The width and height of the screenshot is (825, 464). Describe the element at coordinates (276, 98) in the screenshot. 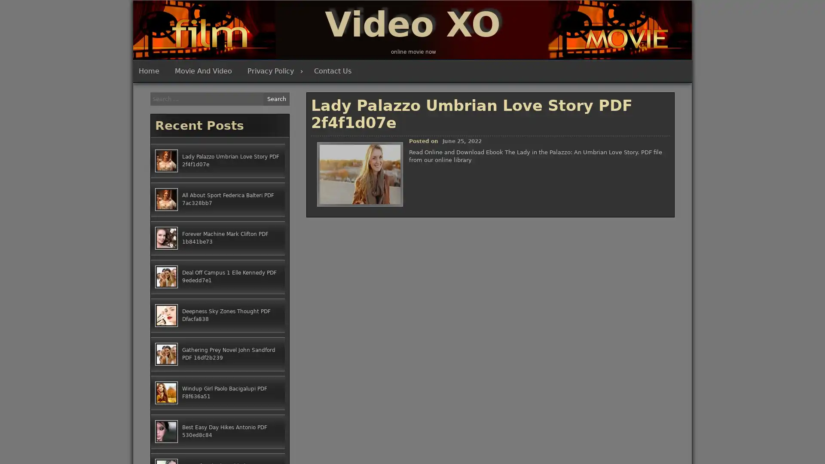

I see `Search` at that location.